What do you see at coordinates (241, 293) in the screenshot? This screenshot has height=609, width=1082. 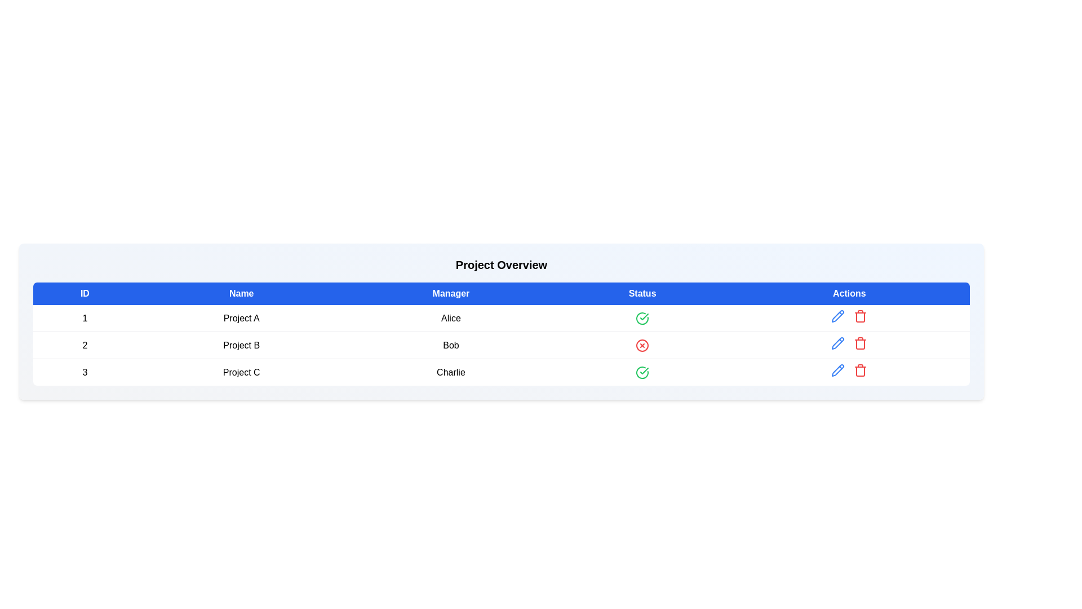 I see `the 'Name' column header text label, which is the second item in the header row of the table, located between 'ID' and 'Manager'` at bounding box center [241, 293].